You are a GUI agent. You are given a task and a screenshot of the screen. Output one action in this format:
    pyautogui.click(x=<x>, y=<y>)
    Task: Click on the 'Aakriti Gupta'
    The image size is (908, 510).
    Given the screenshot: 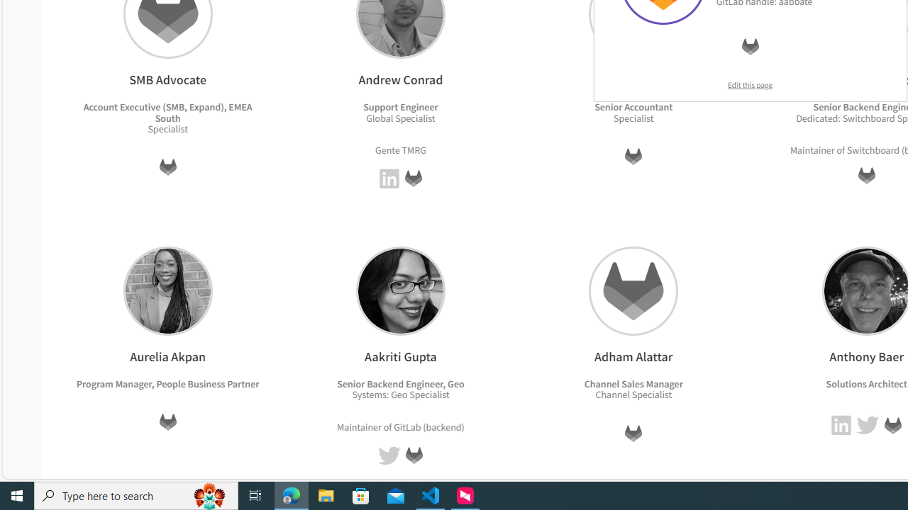 What is the action you would take?
    pyautogui.click(x=399, y=290)
    